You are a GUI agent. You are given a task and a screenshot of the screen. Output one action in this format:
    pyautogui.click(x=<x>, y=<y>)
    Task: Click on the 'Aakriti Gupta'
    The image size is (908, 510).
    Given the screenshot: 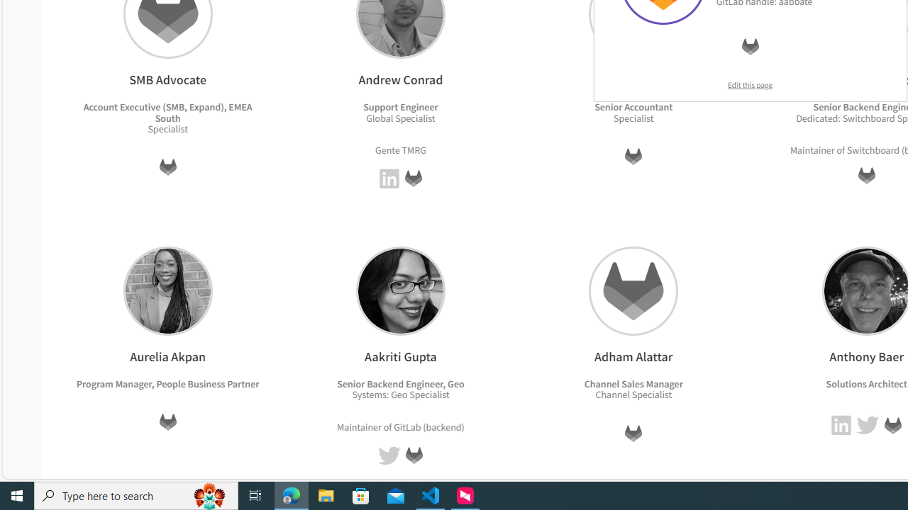 What is the action you would take?
    pyautogui.click(x=399, y=290)
    